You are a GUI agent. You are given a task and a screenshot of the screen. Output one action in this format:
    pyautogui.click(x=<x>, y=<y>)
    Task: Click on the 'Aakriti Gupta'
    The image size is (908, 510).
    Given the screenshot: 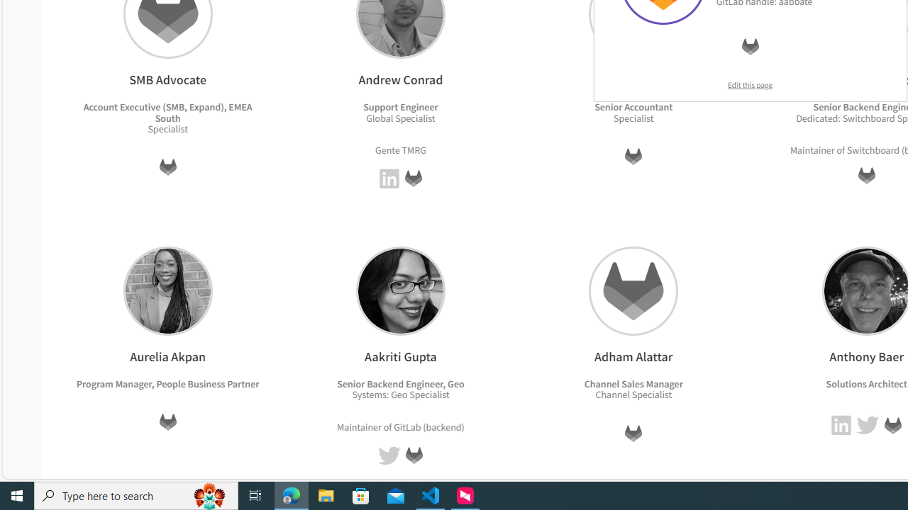 What is the action you would take?
    pyautogui.click(x=399, y=290)
    